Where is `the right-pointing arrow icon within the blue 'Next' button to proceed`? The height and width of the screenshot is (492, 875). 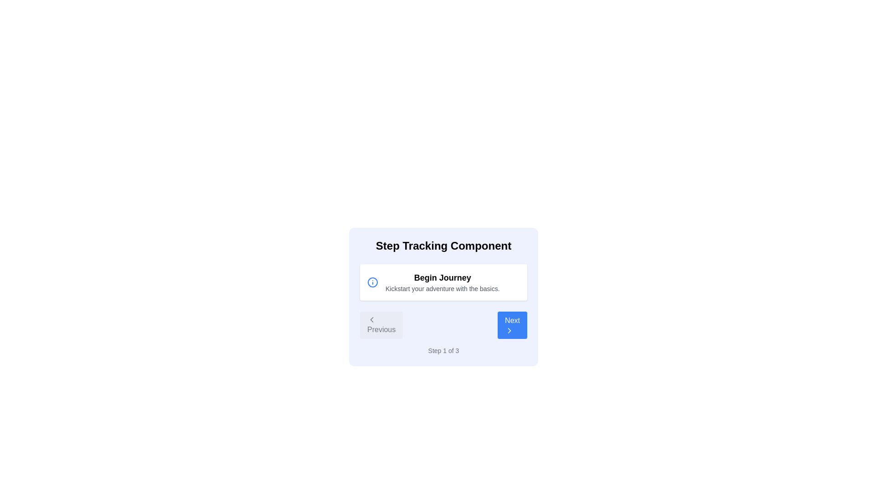 the right-pointing arrow icon within the blue 'Next' button to proceed is located at coordinates (509, 330).